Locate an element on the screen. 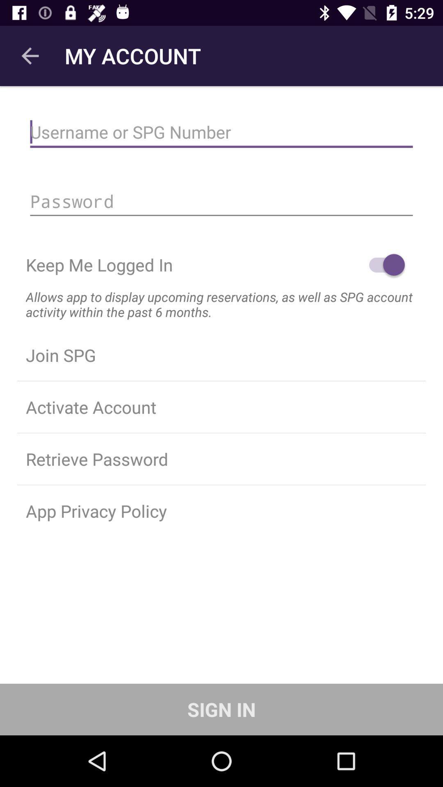  the item next to my account item is located at coordinates (30, 55).